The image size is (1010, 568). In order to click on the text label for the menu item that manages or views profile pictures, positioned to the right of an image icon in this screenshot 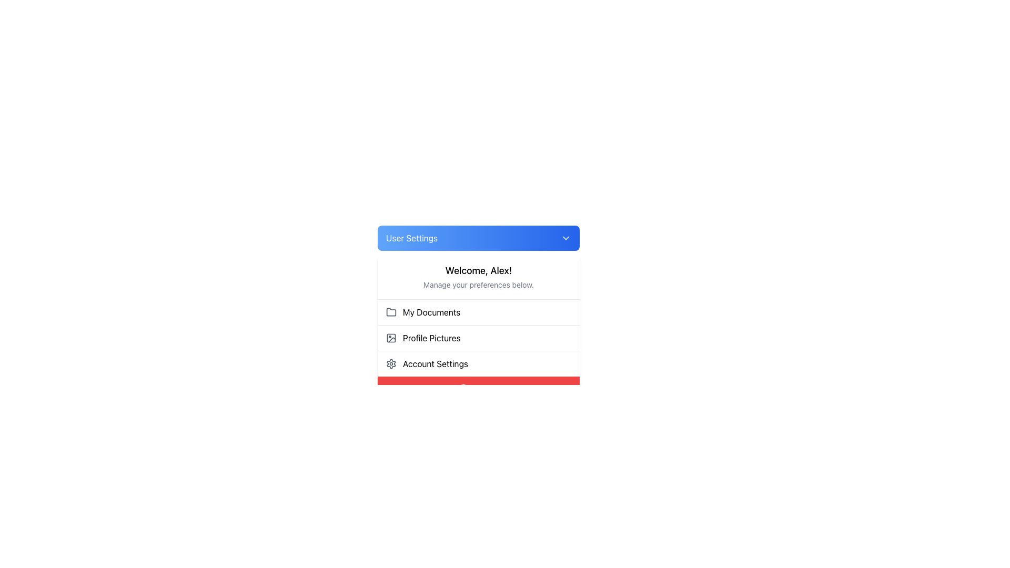, I will do `click(431, 338)`.